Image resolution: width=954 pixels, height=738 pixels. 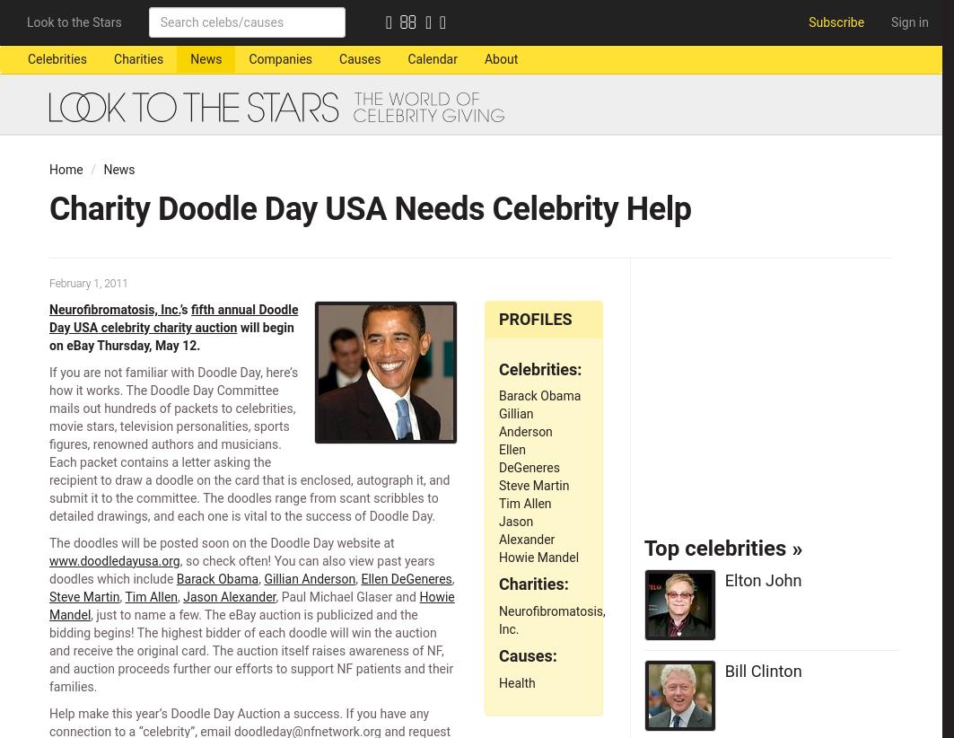 What do you see at coordinates (534, 317) in the screenshot?
I see `'Profiles'` at bounding box center [534, 317].